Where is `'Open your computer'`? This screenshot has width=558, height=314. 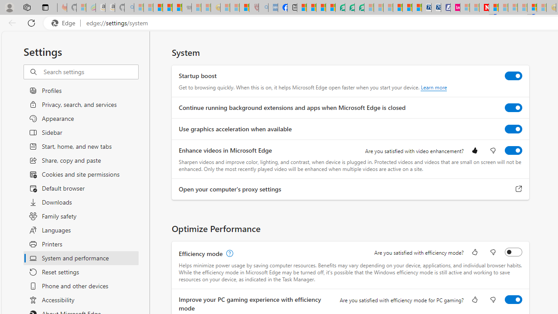 'Open your computer' is located at coordinates (519, 189).